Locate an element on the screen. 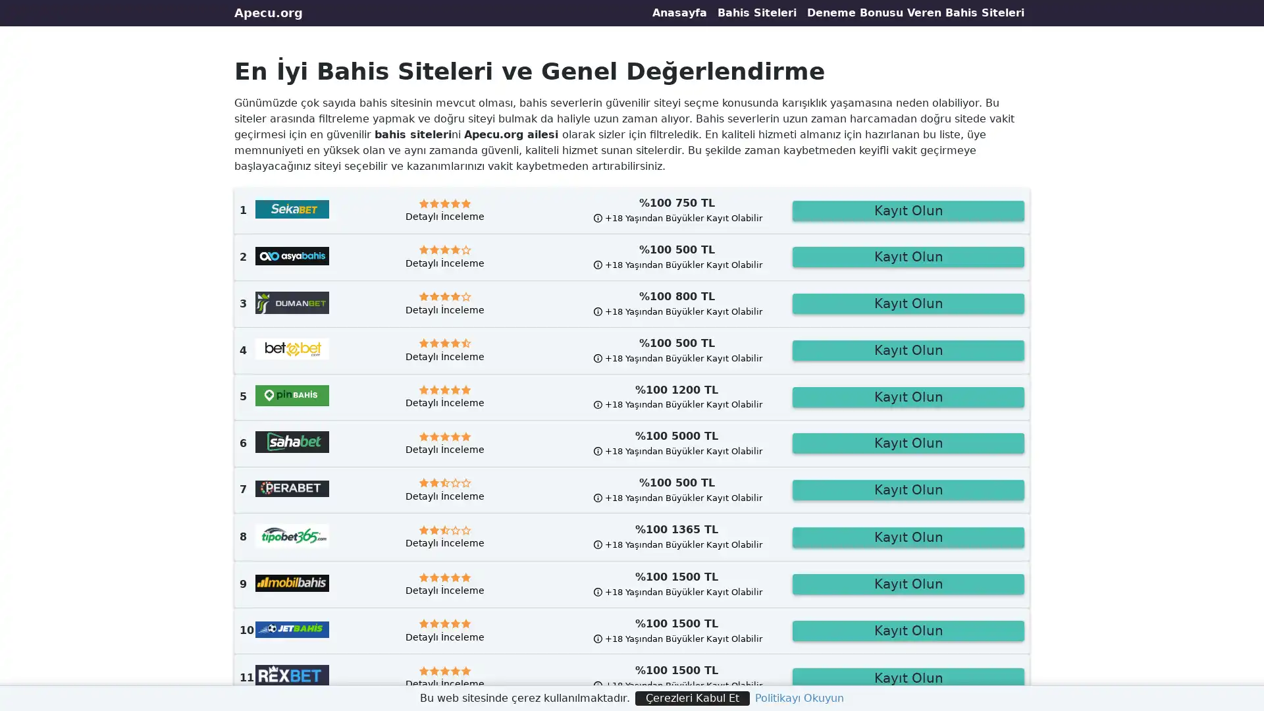  Cerezleri Kabul Et is located at coordinates (691, 697).